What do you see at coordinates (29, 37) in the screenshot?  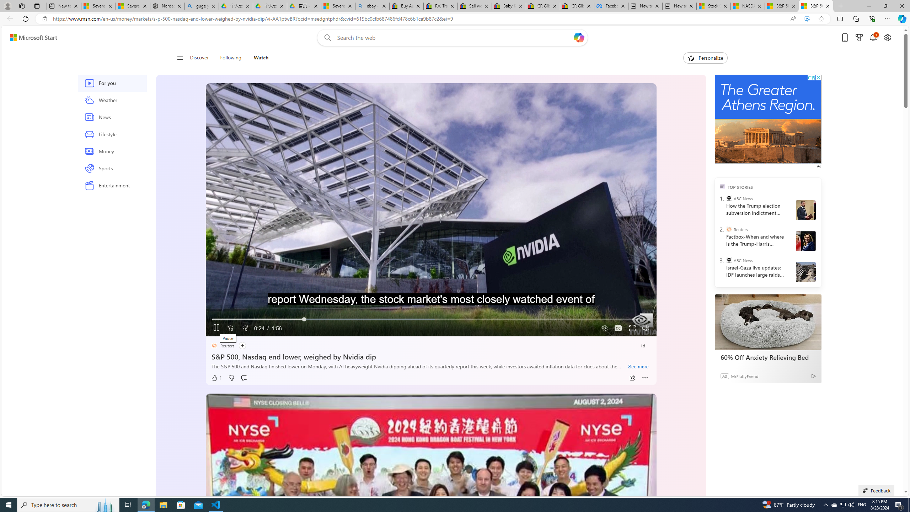 I see `'Skip to footer'` at bounding box center [29, 37].